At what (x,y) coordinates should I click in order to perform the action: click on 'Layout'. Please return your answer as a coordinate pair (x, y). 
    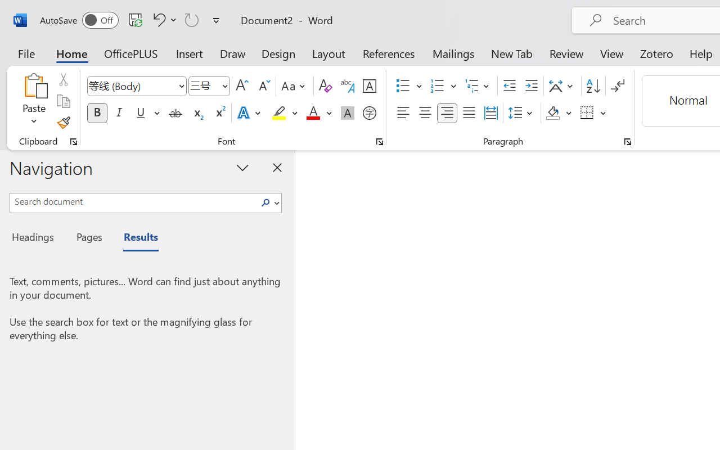
    Looking at the image, I should click on (328, 53).